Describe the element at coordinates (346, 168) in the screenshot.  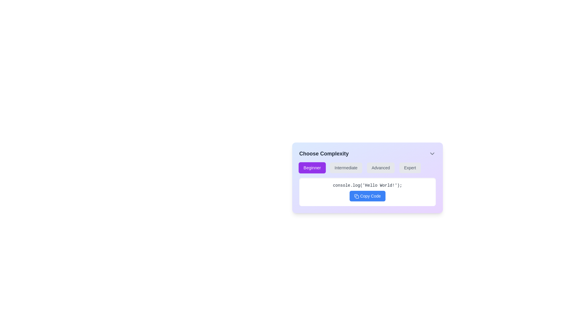
I see `the 'Intermediate' button` at that location.